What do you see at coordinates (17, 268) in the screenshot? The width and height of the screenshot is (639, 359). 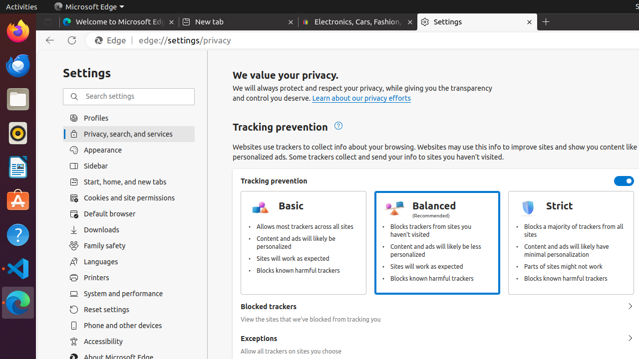 I see `'Visual Studio Code'` at bounding box center [17, 268].